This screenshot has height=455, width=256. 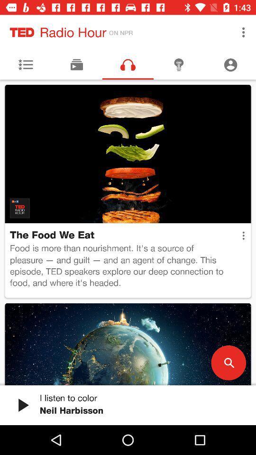 I want to click on the item below food is more icon, so click(x=228, y=362).